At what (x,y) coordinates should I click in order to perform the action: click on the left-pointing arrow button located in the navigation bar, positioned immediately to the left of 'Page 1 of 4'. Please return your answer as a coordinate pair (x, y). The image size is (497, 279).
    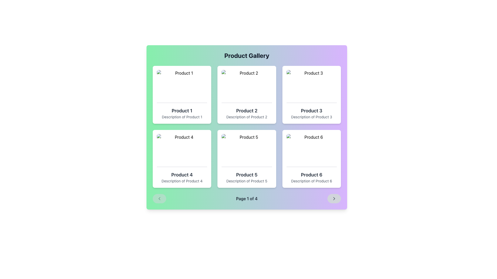
    Looking at the image, I should click on (159, 198).